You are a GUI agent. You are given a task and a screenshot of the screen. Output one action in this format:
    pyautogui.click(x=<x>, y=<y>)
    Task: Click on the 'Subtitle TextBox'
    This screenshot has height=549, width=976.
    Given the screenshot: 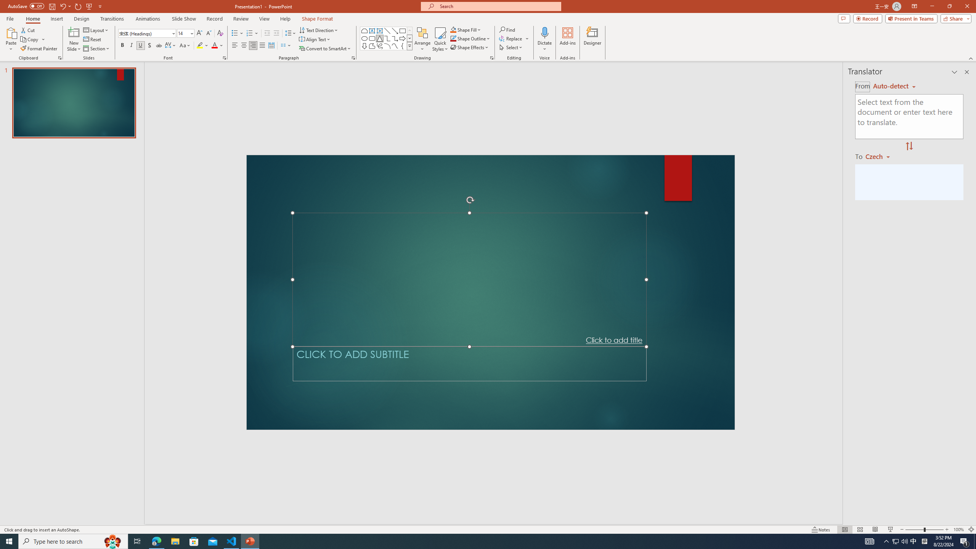 What is the action you would take?
    pyautogui.click(x=469, y=363)
    